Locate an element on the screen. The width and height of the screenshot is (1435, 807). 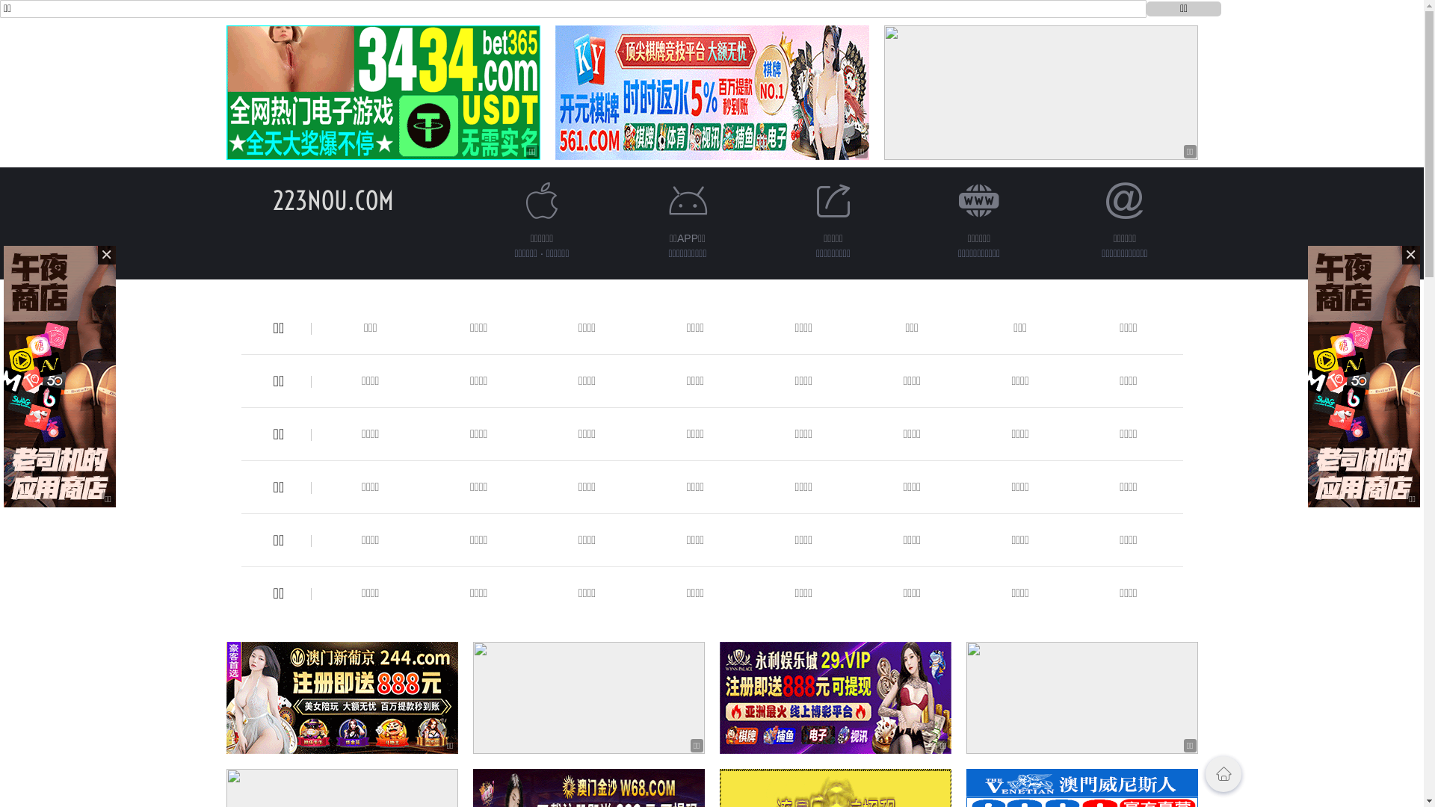
'223NOU.COM' is located at coordinates (332, 200).